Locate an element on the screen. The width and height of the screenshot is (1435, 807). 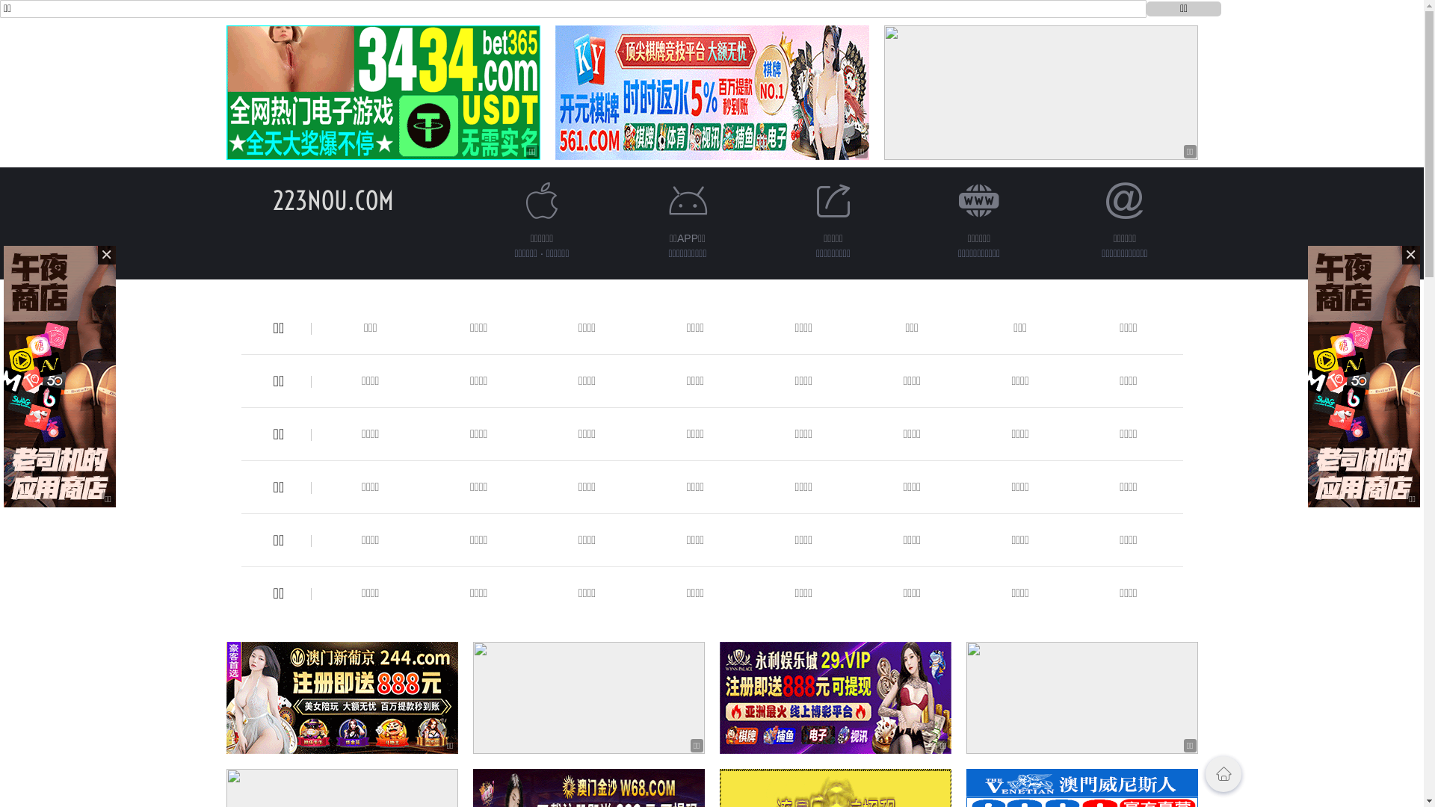
'223NOU.COM' is located at coordinates (332, 200).